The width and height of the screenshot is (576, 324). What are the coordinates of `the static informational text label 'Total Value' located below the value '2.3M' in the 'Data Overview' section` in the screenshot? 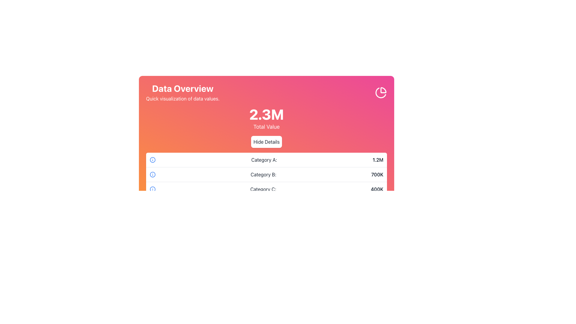 It's located at (266, 127).